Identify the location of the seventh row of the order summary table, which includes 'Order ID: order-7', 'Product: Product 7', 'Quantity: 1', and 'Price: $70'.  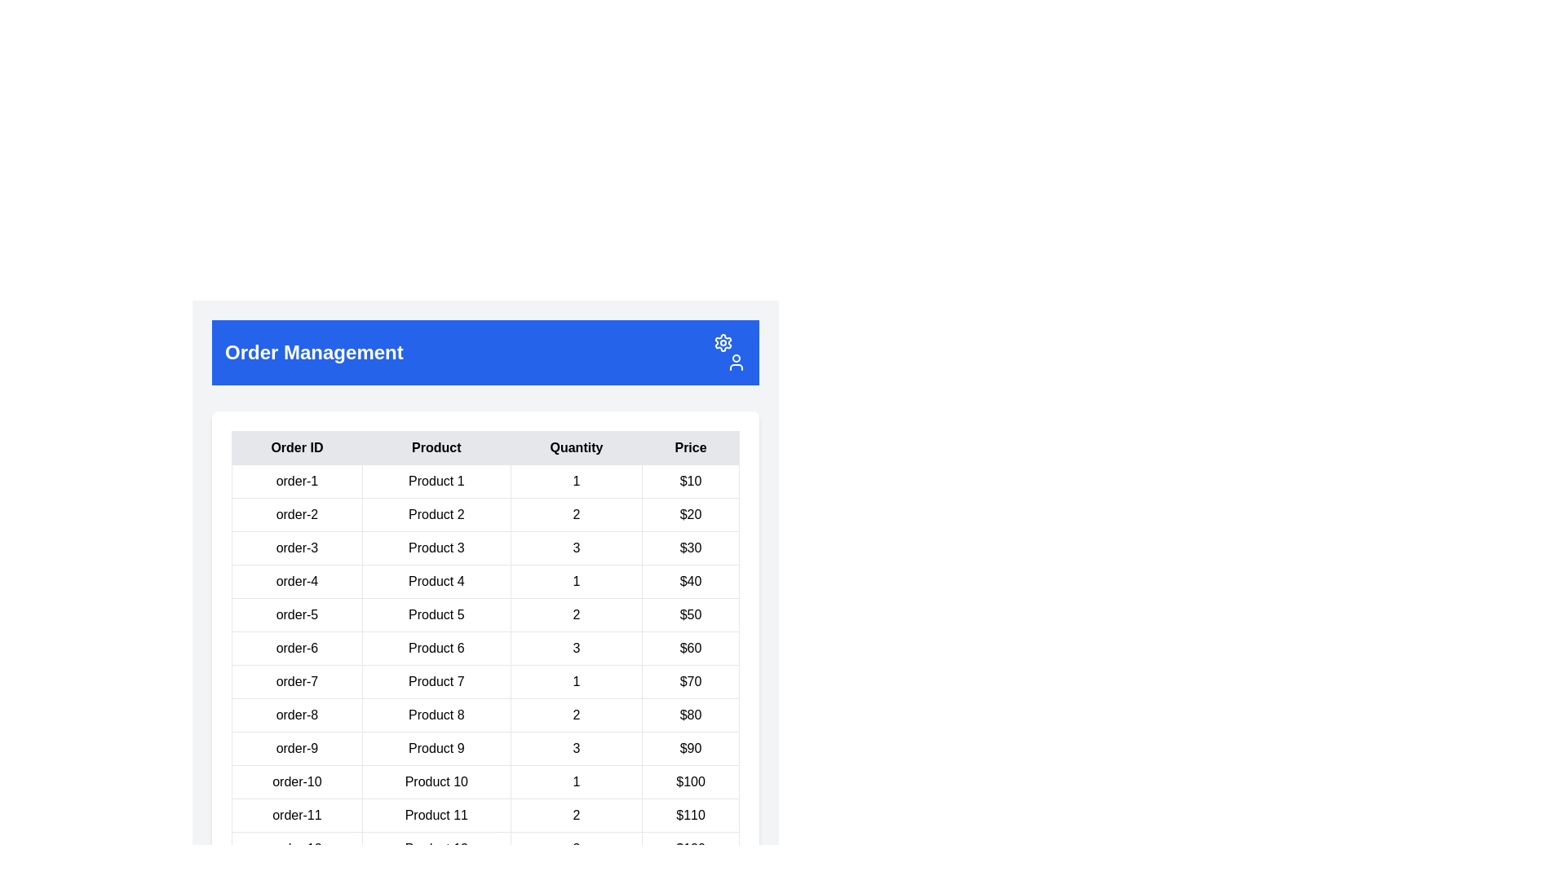
(484, 682).